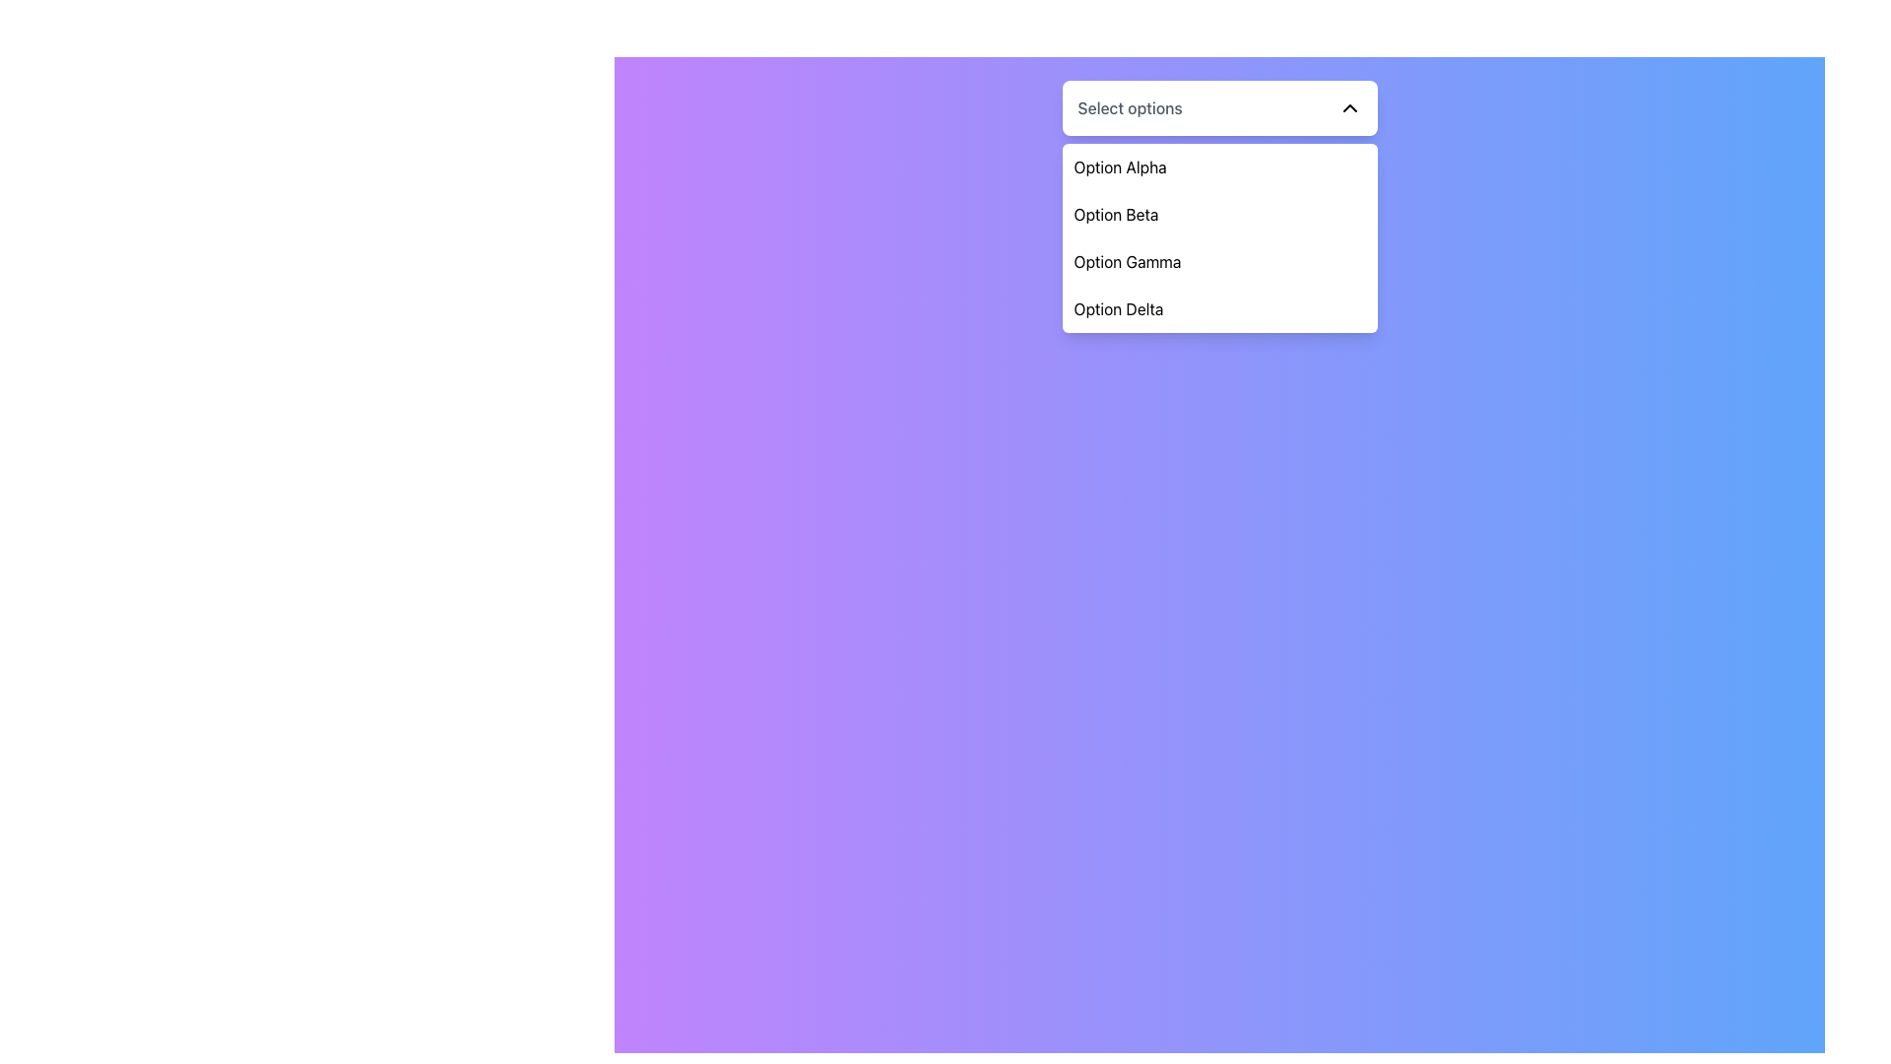 Image resolution: width=1891 pixels, height=1064 pixels. Describe the element at coordinates (1218, 166) in the screenshot. I see `the first option 'Option Alpha' in the dropdown menu for visual feedback` at that location.